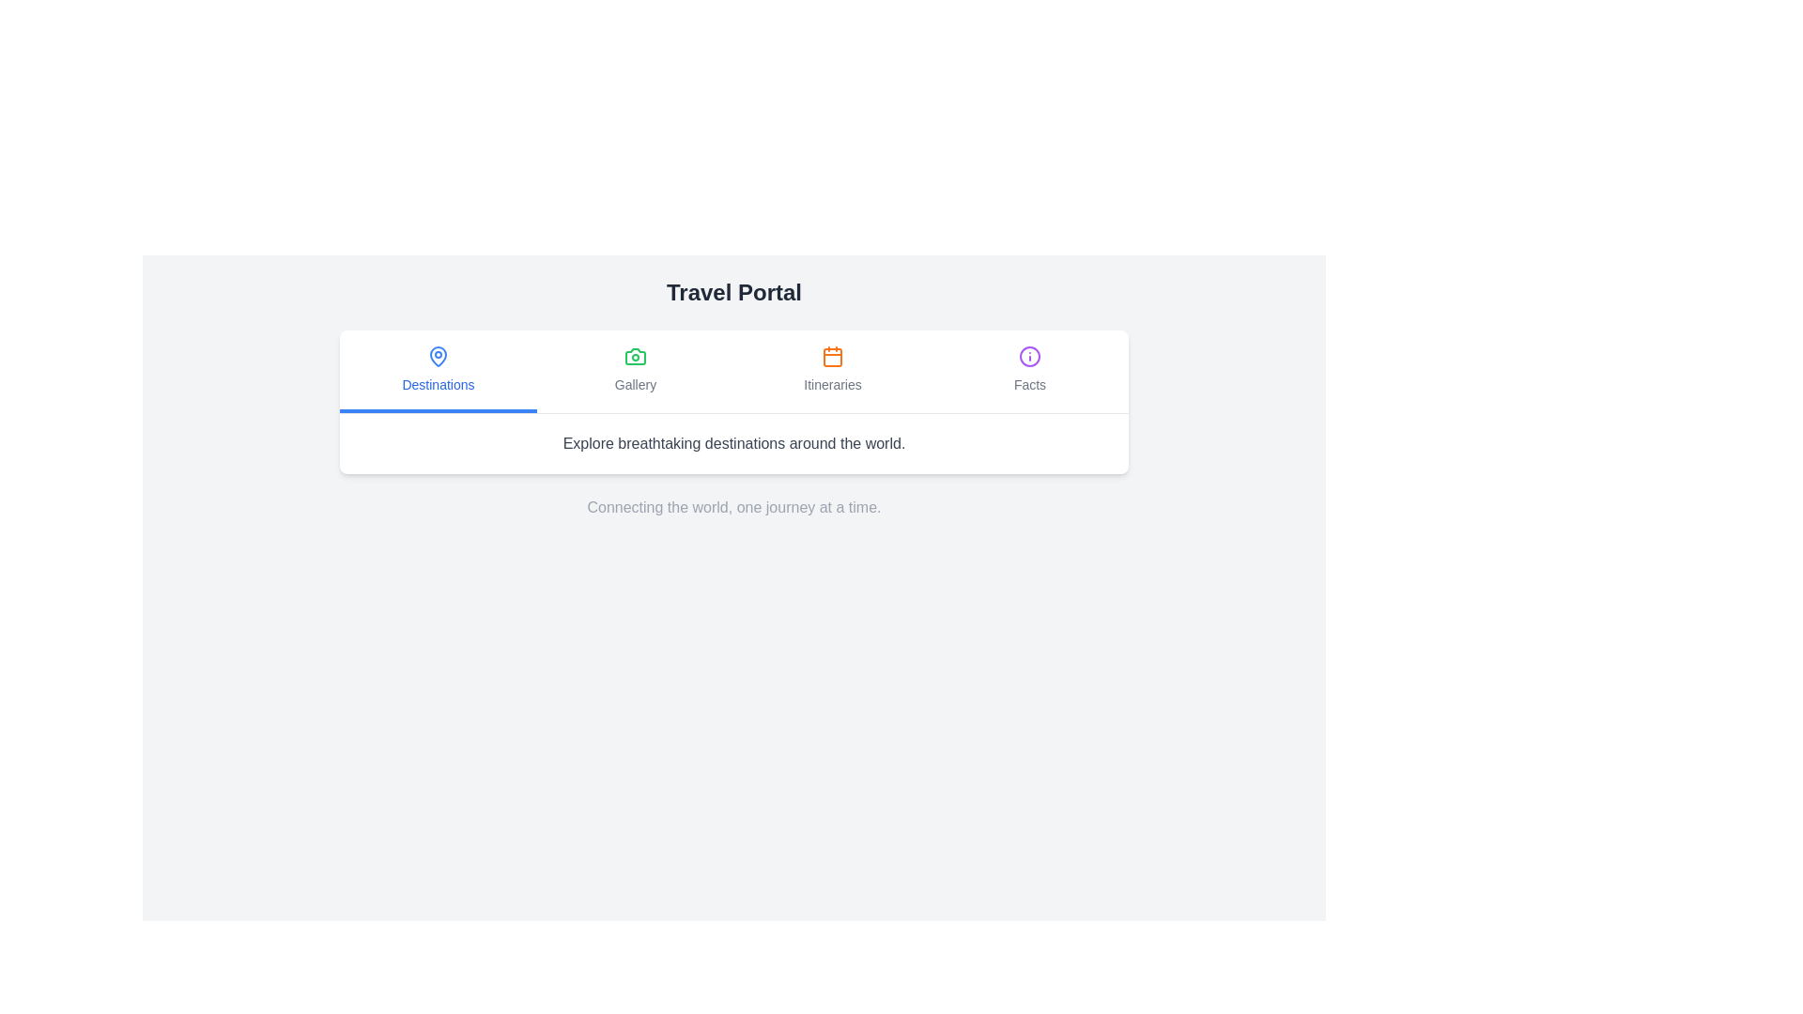 This screenshot has height=1014, width=1803. What do you see at coordinates (635, 383) in the screenshot?
I see `the 'Gallery' text label, which is centrally positioned below the camera icon and between the 'Destinations' and 'Itineraries' sections, to potentially trigger an action or navigation` at bounding box center [635, 383].